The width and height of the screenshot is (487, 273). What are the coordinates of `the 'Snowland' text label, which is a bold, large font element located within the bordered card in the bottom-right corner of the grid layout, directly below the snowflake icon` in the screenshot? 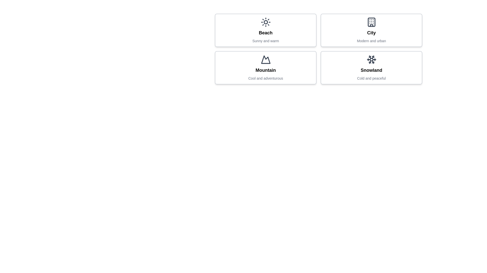 It's located at (371, 70).